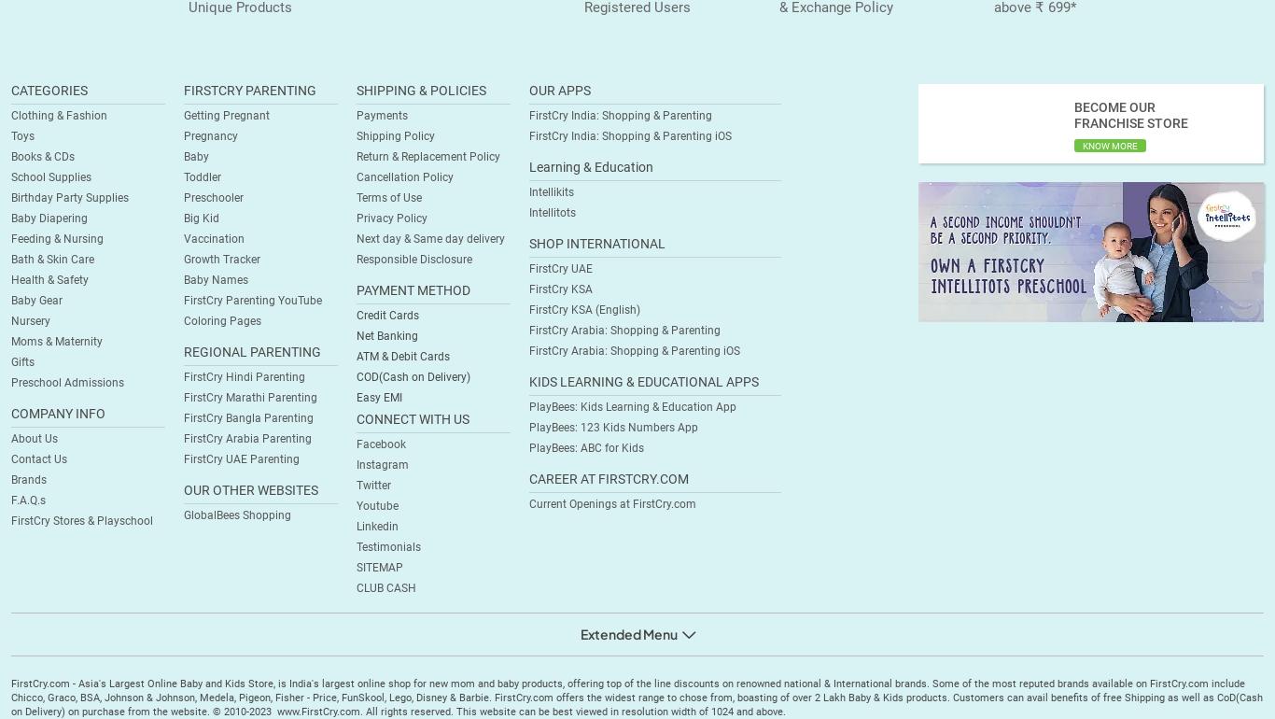 The height and width of the screenshot is (719, 1275). Describe the element at coordinates (355, 115) in the screenshot. I see `'Payments'` at that location.